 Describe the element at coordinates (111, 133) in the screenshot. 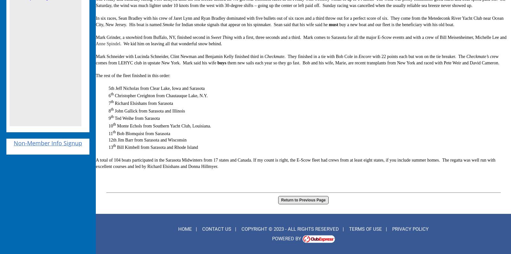

I see `'11'` at that location.